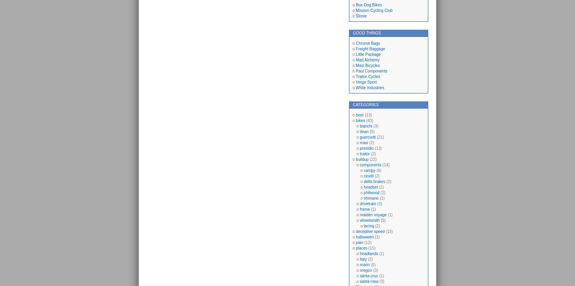 The width and height of the screenshot is (575, 286). What do you see at coordinates (368, 225) in the screenshot?
I see `'lacing'` at bounding box center [368, 225].